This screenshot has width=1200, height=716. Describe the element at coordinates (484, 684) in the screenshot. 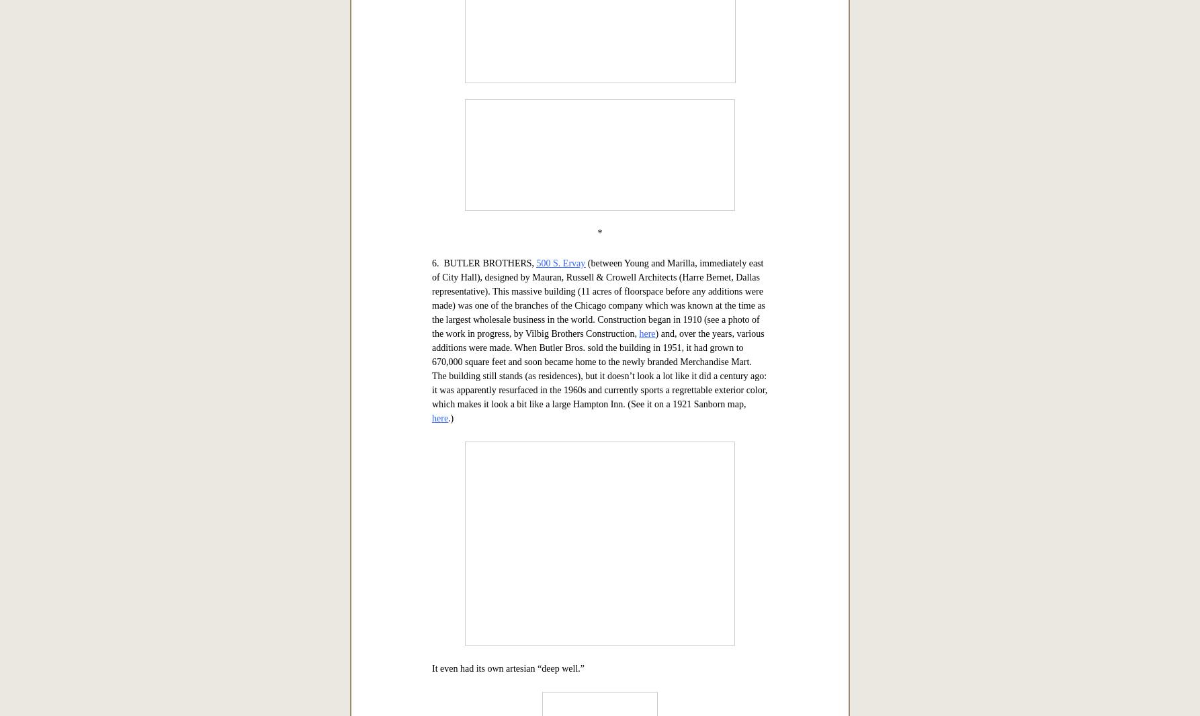

I see `'6.  BUTLER BROTHERS,'` at that location.